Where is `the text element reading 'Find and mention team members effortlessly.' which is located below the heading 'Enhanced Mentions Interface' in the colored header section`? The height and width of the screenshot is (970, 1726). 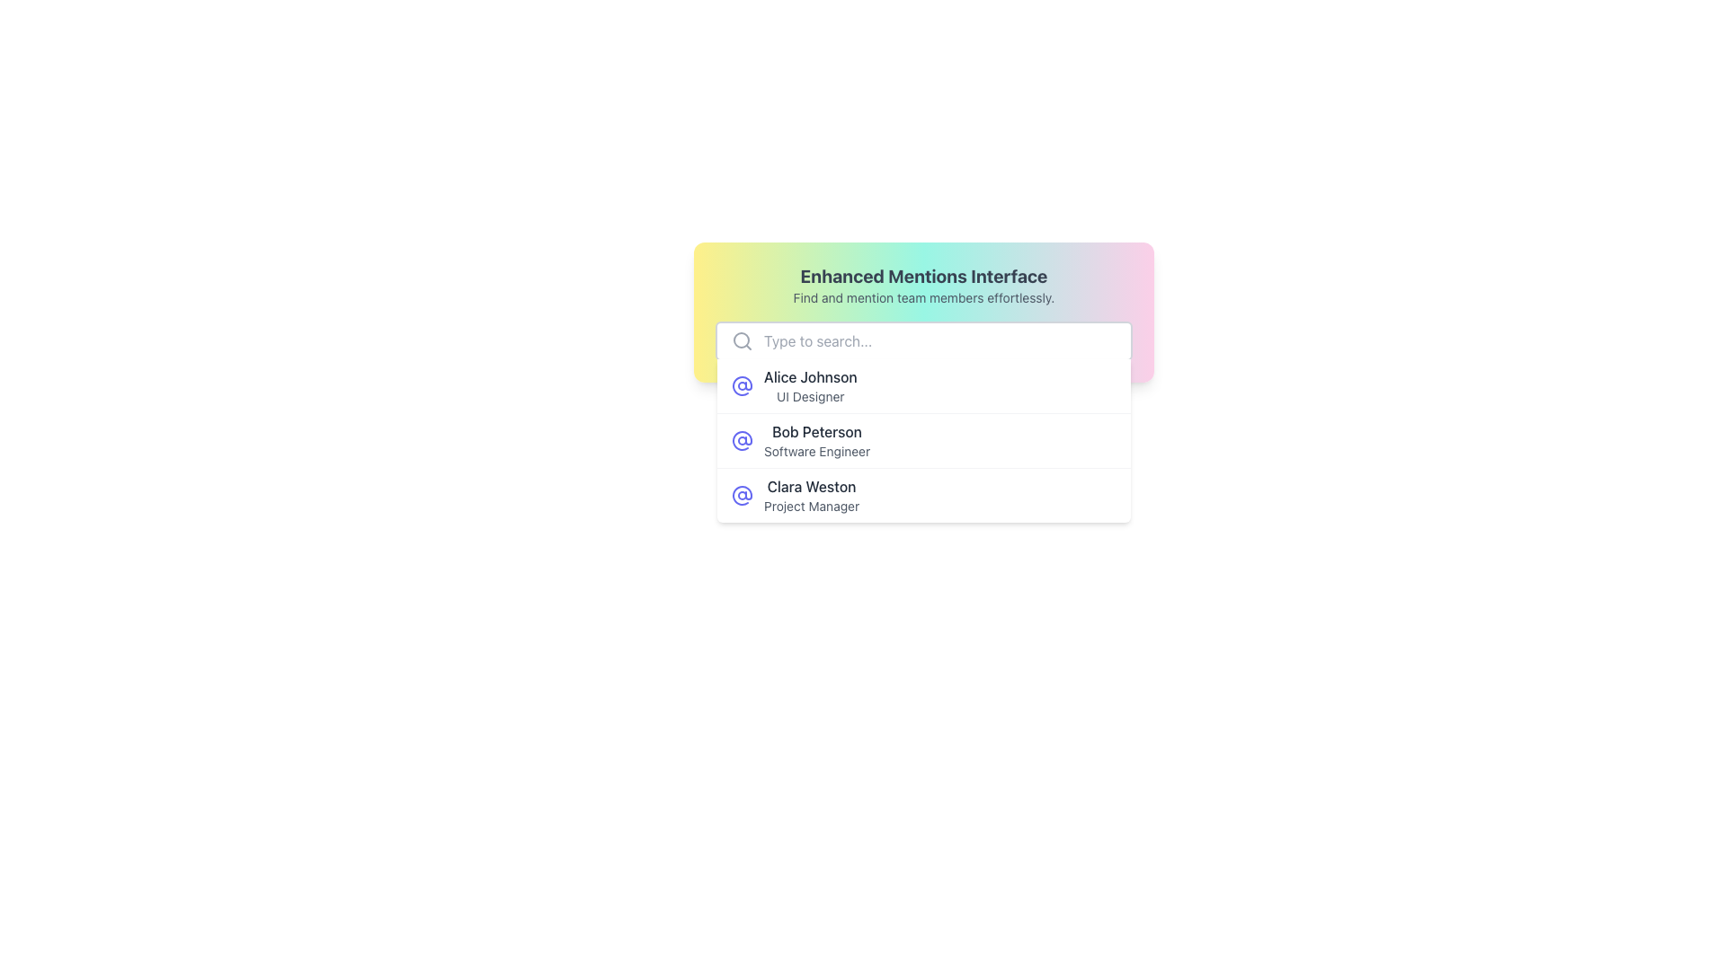
the text element reading 'Find and mention team members effortlessly.' which is located below the heading 'Enhanced Mentions Interface' in the colored header section is located at coordinates (923, 296).